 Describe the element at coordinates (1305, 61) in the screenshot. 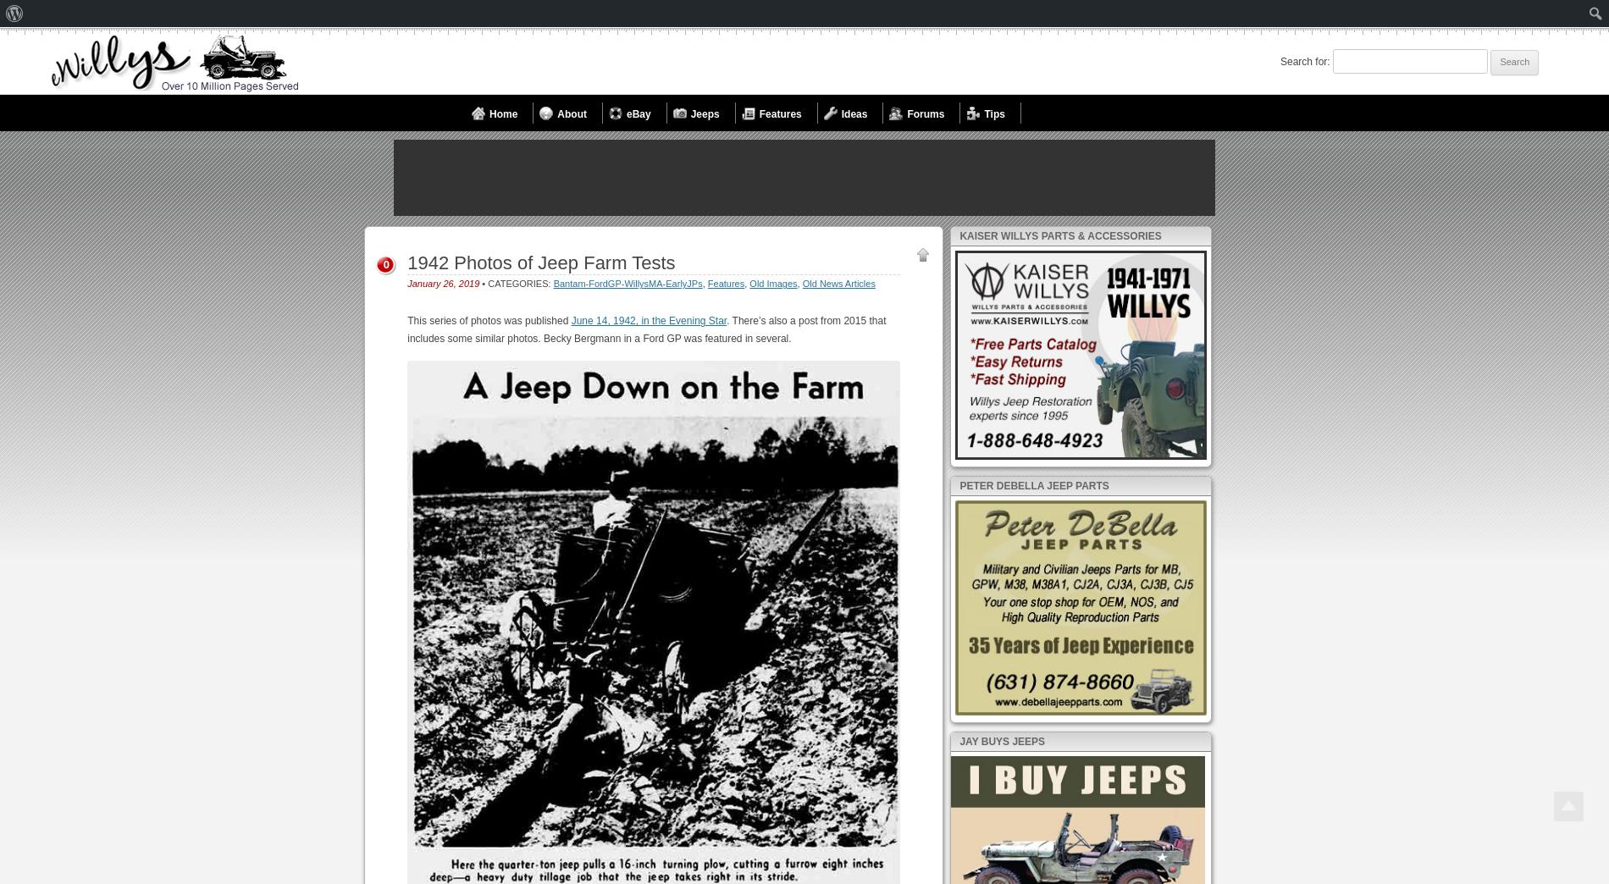

I see `'Search for:'` at that location.